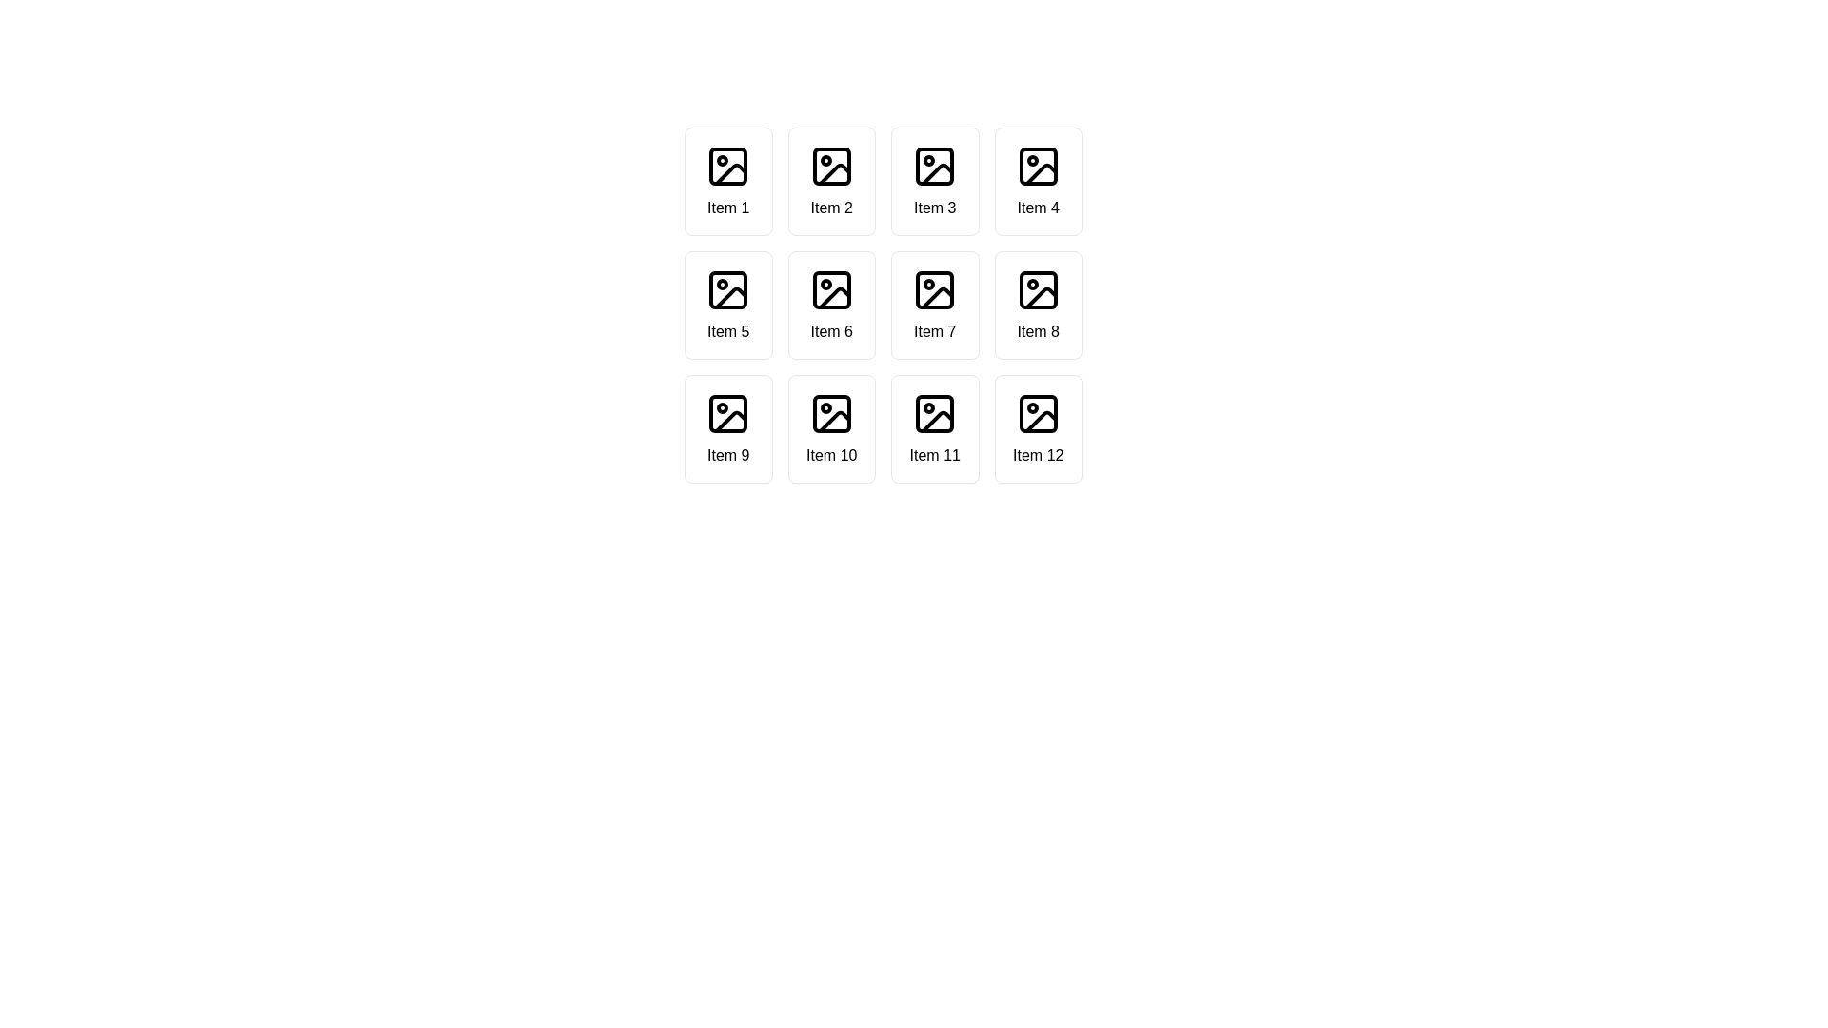 The width and height of the screenshot is (1828, 1028). What do you see at coordinates (935, 289) in the screenshot?
I see `the graphical icon resembling an image placeholder with a mountain shape and sun-like circle, located in the seventh item of the grid layout labeled 'Item 7'` at bounding box center [935, 289].